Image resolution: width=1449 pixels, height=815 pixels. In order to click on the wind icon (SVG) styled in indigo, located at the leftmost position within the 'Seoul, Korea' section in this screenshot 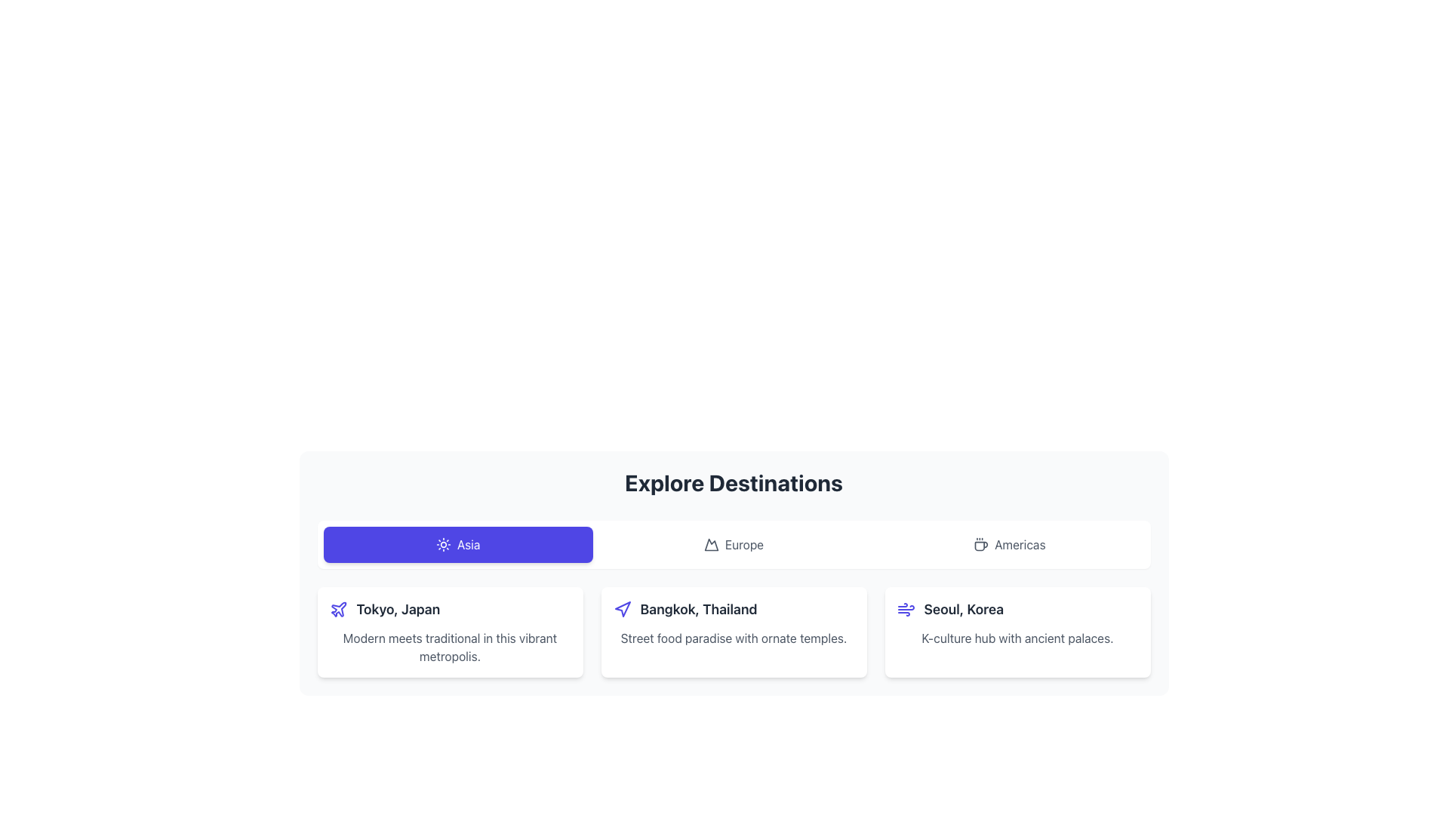, I will do `click(906, 608)`.